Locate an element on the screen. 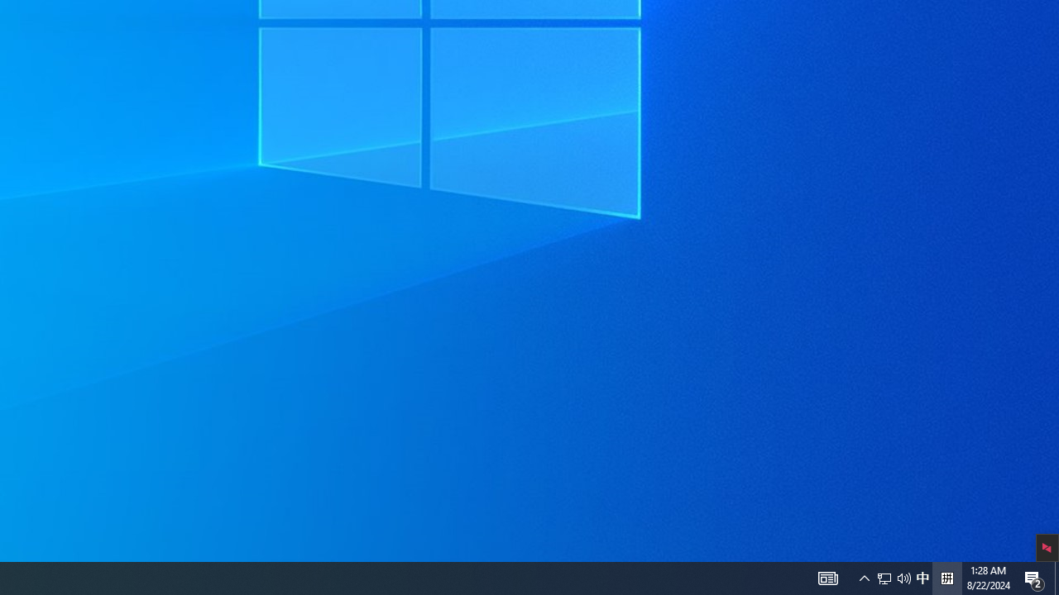  'Action Center, 2 new notifications' is located at coordinates (1034, 577).